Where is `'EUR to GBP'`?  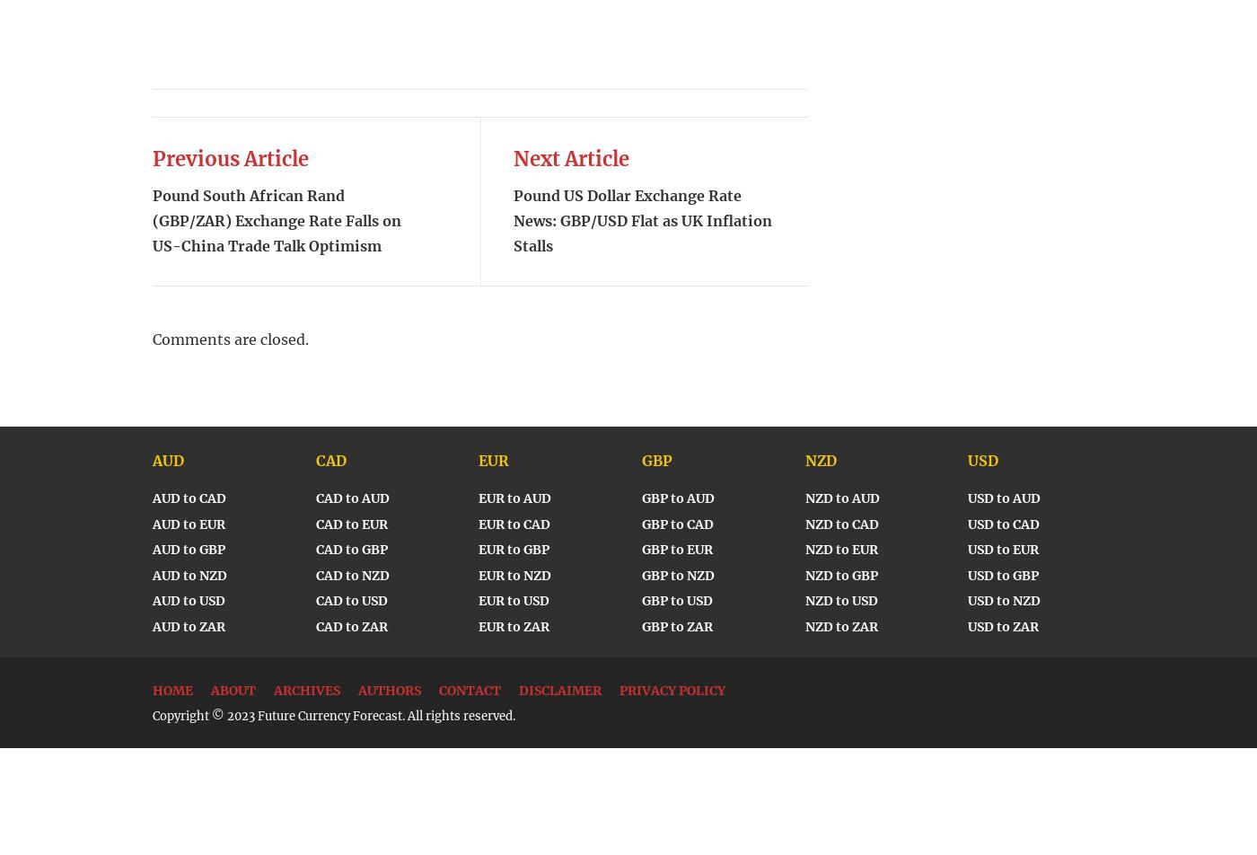 'EUR to GBP' is located at coordinates (514, 550).